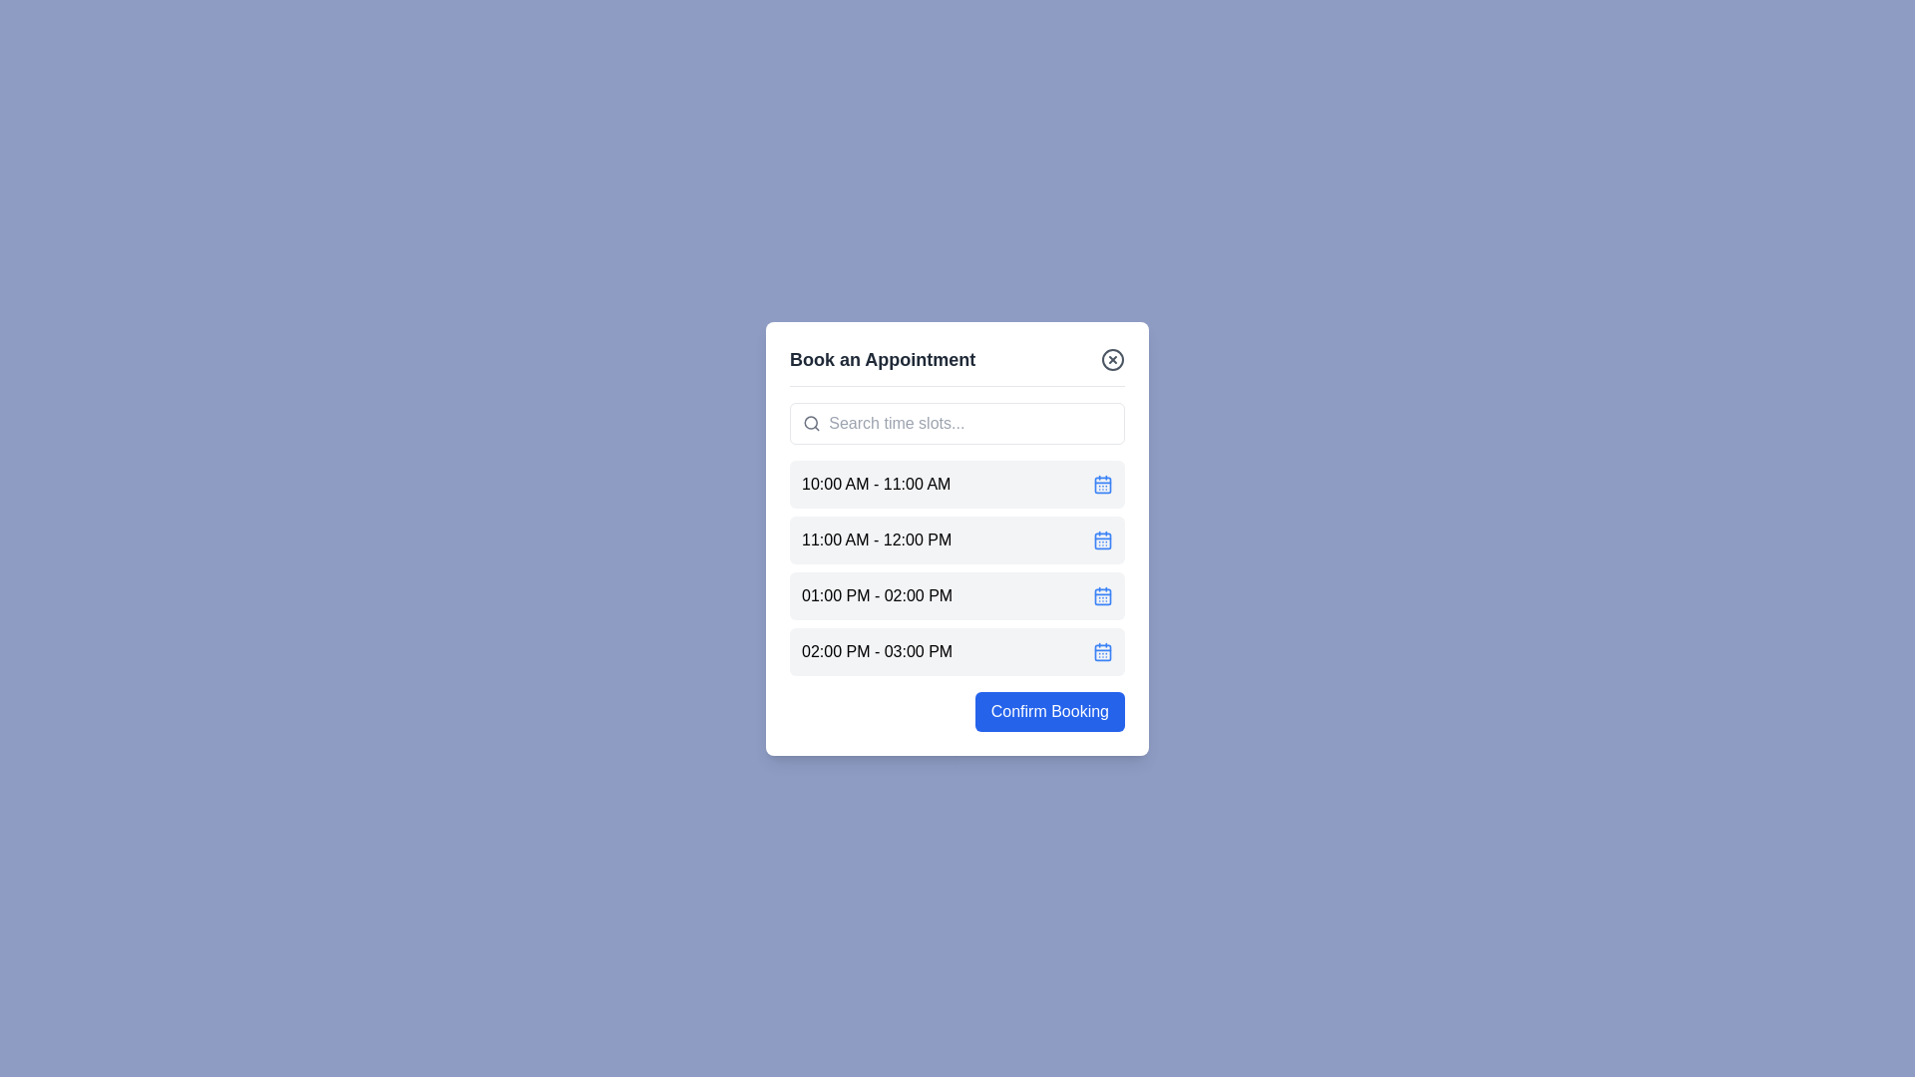 The width and height of the screenshot is (1915, 1077). I want to click on the time slot labeled '02:00 PM - 03:00 PM' to select it, so click(957, 651).